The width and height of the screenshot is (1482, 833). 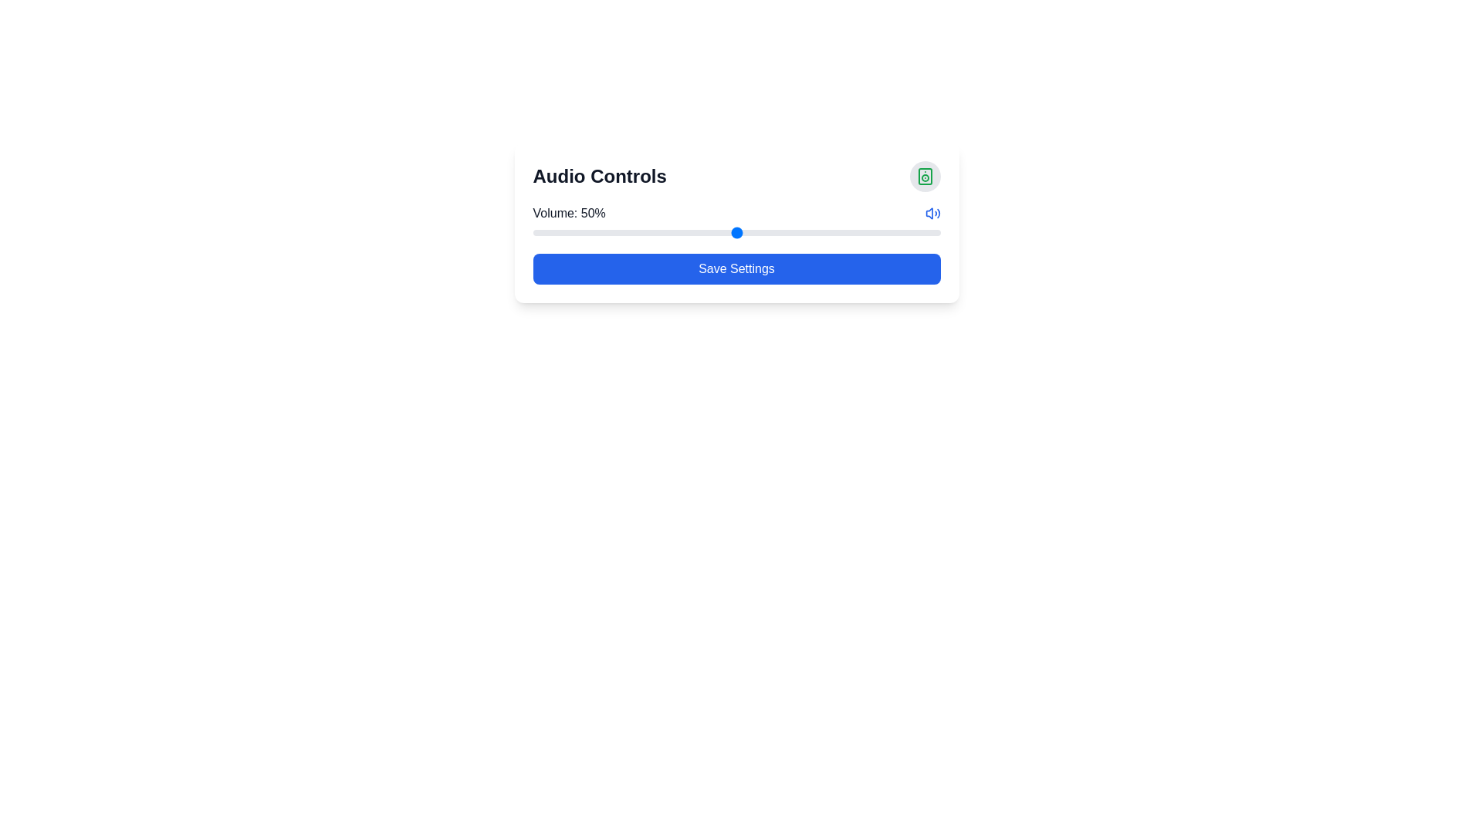 I want to click on the volume, so click(x=756, y=232).